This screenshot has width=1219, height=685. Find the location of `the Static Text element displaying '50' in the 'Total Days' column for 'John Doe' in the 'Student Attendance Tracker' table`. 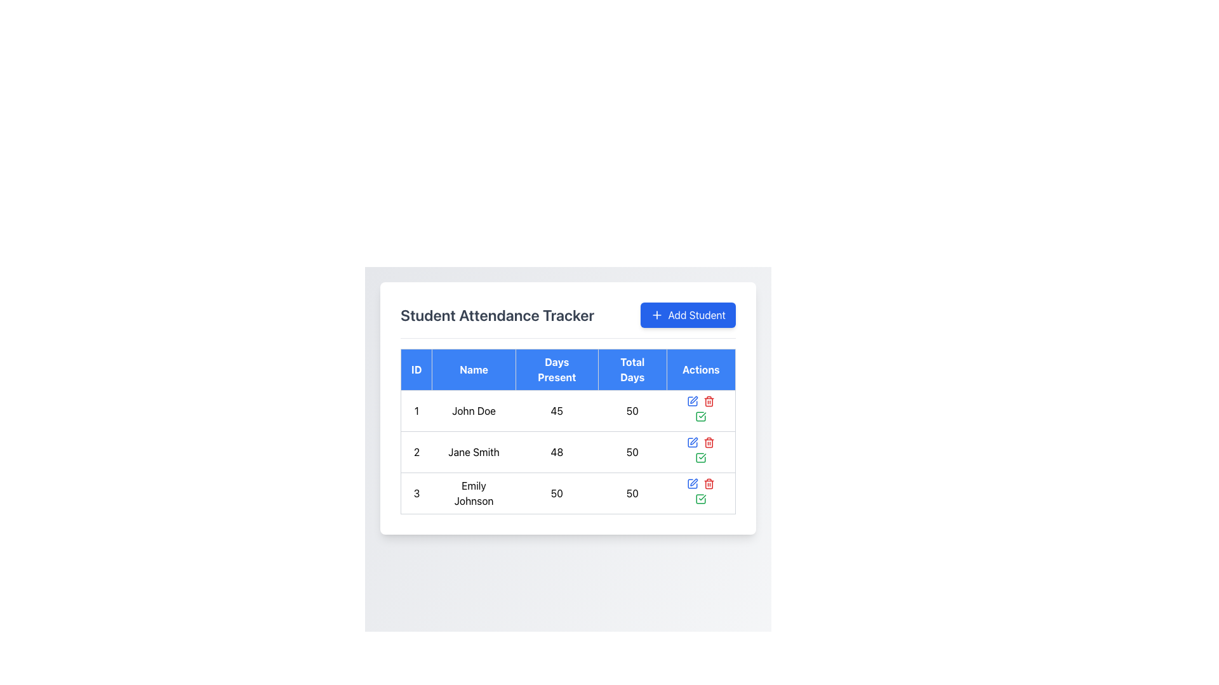

the Static Text element displaying '50' in the 'Total Days' column for 'John Doe' in the 'Student Attendance Tracker' table is located at coordinates (632, 411).